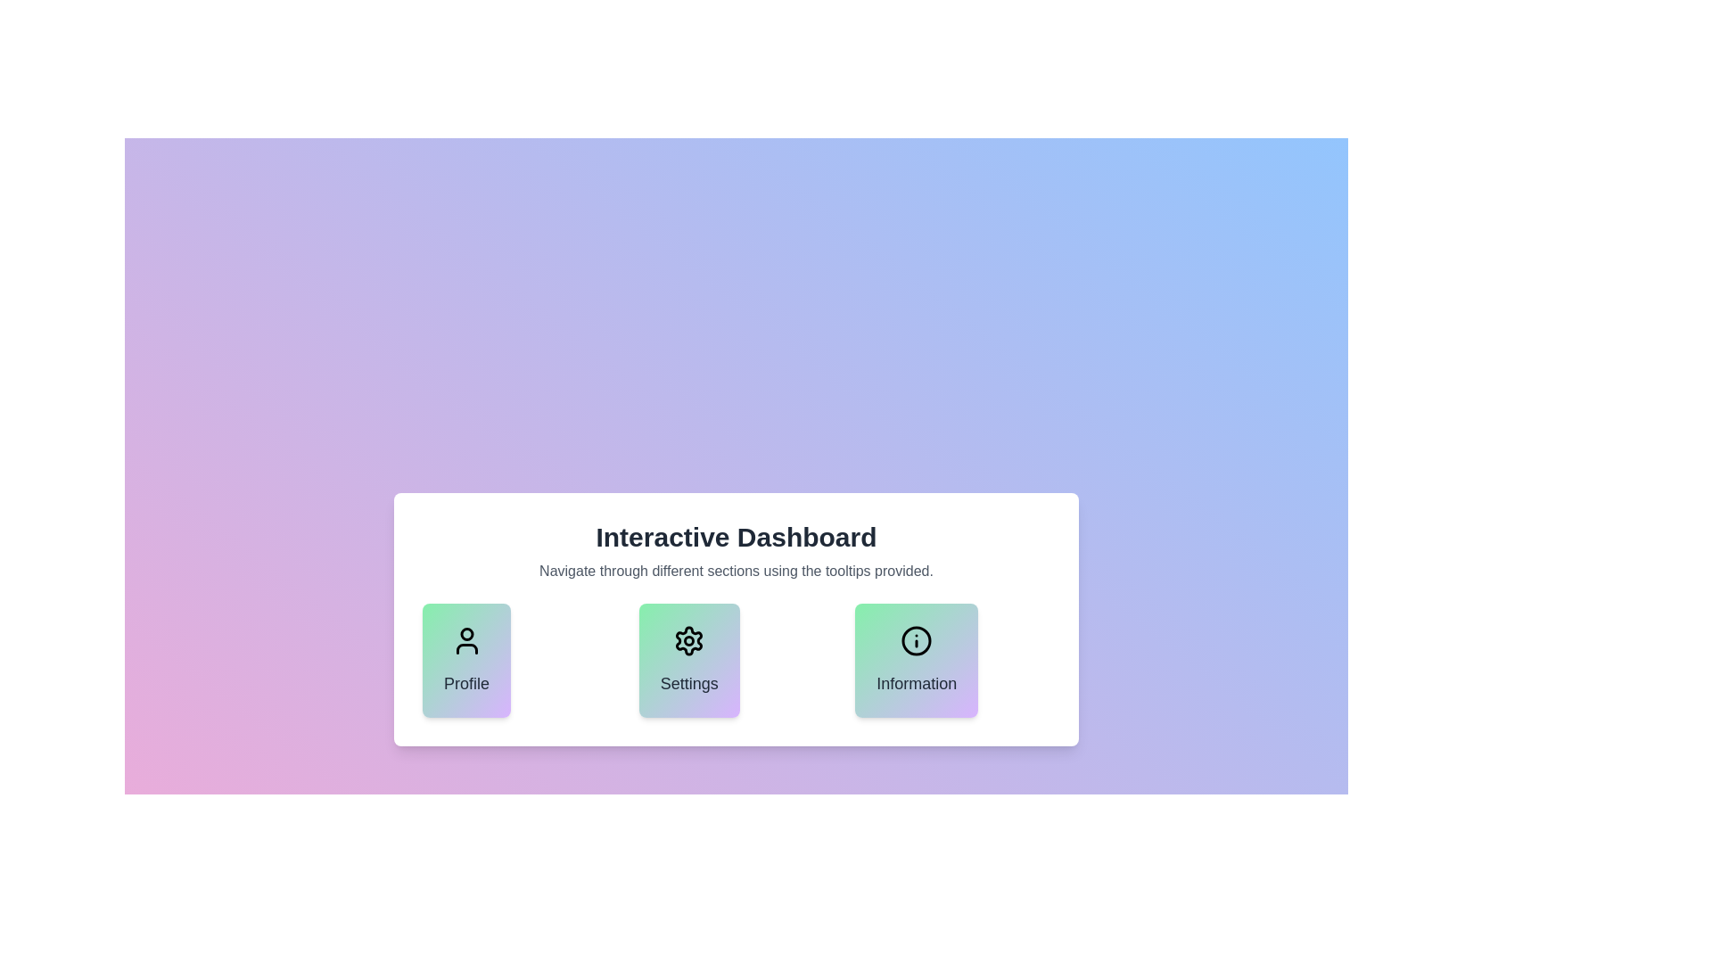 The width and height of the screenshot is (1712, 963). What do you see at coordinates (736, 536) in the screenshot?
I see `the static text label 'Interactive Dashboard', which is prominently displayed at the top of a white card interface and styled with a large bold font in dark gray color` at bounding box center [736, 536].